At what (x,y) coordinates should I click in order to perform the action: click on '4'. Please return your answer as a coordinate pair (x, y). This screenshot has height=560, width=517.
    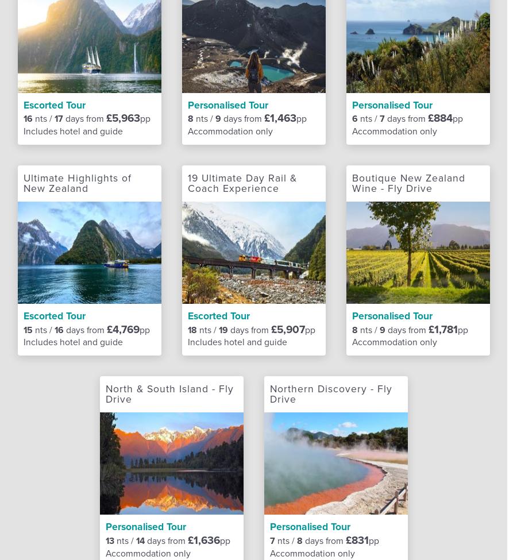
    Looking at the image, I should click on (226, 38).